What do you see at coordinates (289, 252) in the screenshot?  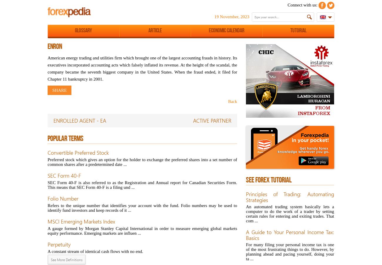 I see `'For many filing your personal income tax is one of the most frustrating things to do. However, by planning ahead and pacing yourself, doing your ta ...'` at bounding box center [289, 252].